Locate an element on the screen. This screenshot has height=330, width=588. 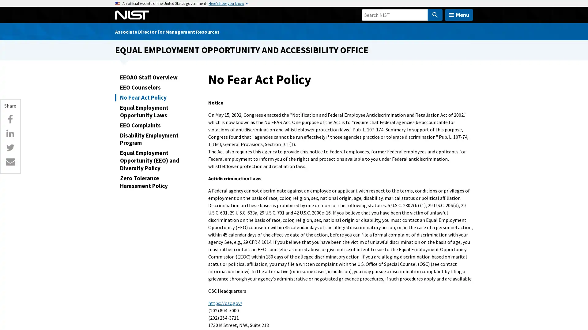
Search is located at coordinates (435, 15).